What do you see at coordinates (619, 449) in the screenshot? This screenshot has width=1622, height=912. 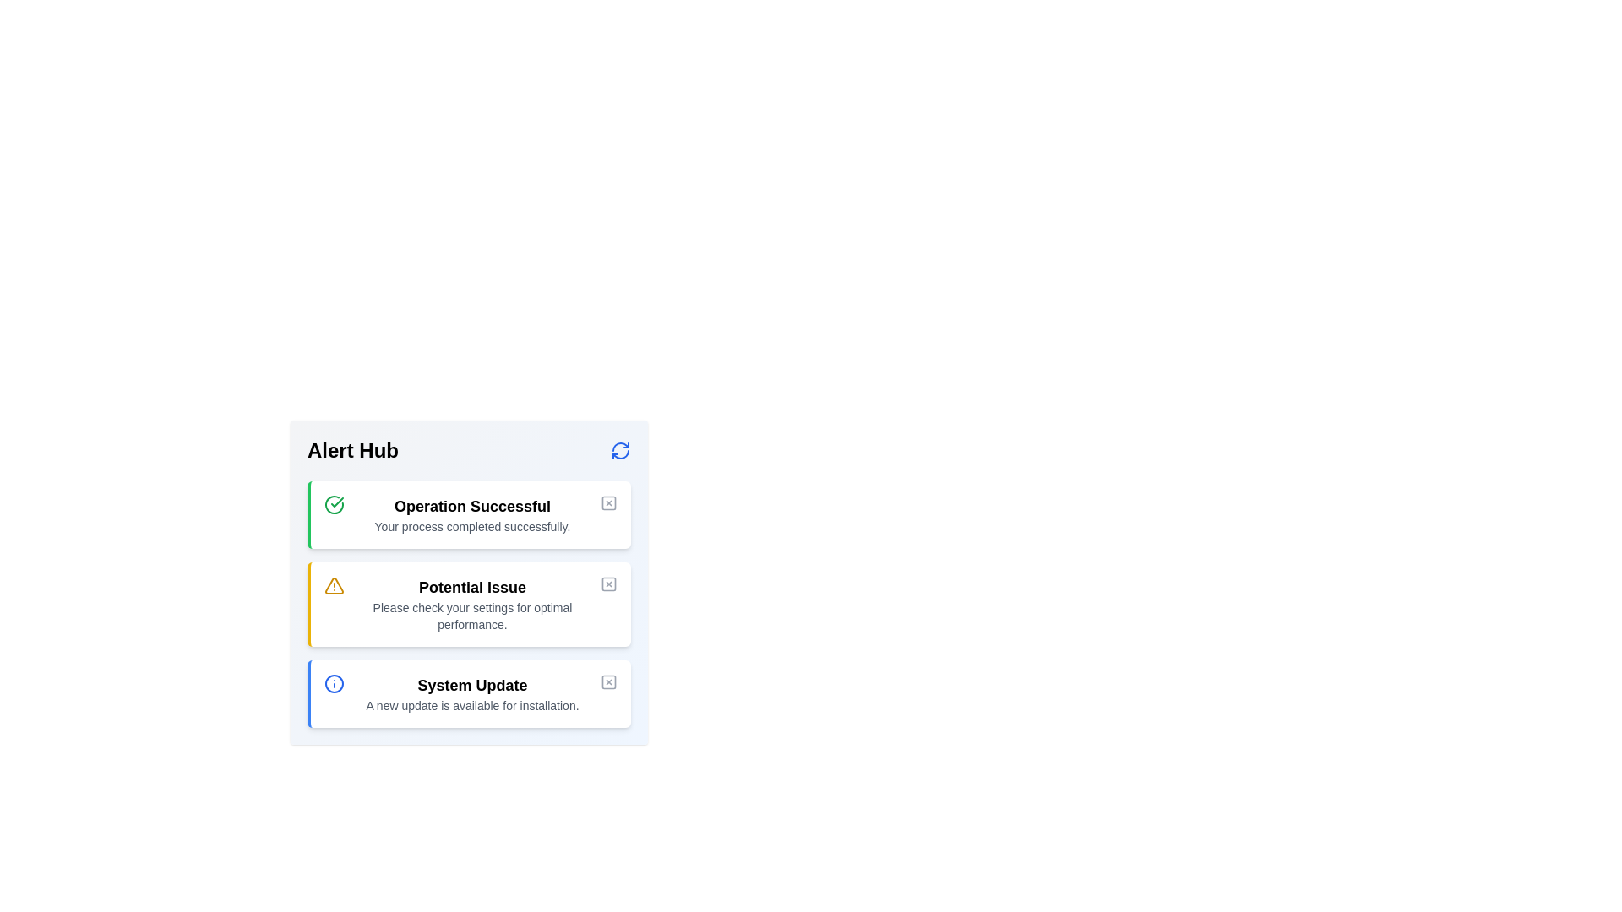 I see `the refresh icon button located in the top right of the 'Alert Hub' section to reload or update its content` at bounding box center [619, 449].